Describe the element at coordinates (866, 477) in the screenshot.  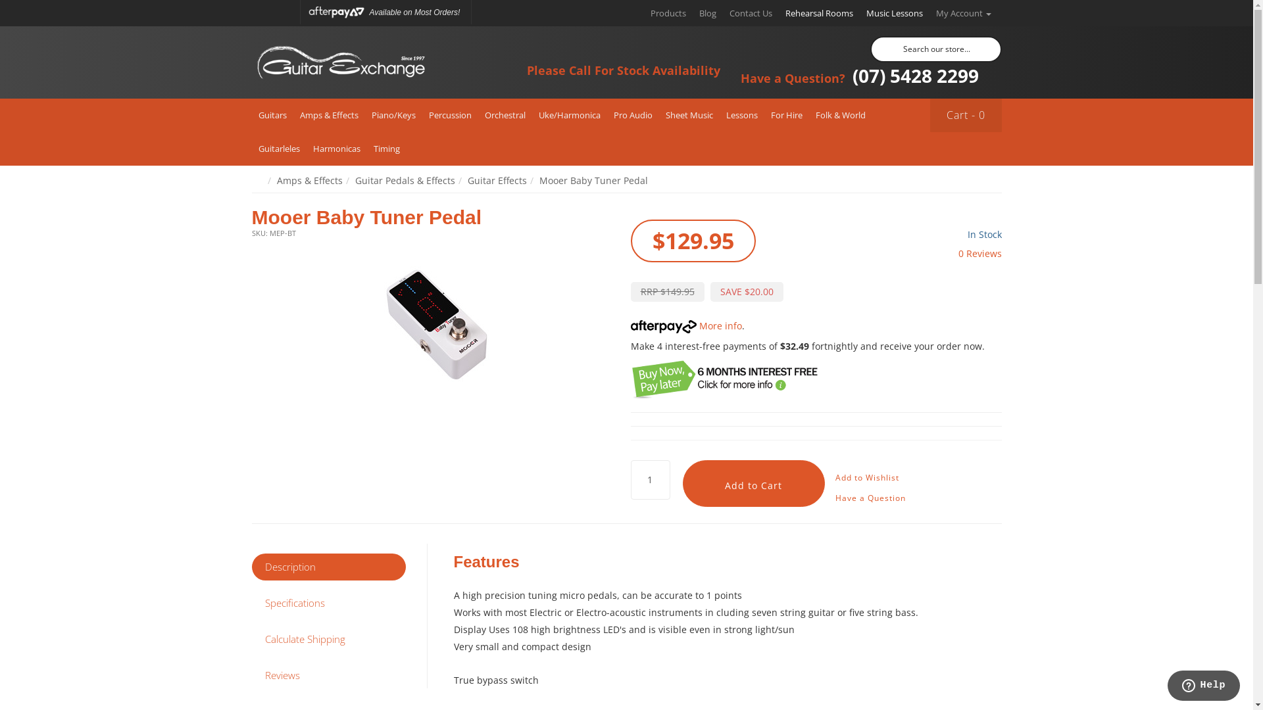
I see `'Add to Wishlist'` at that location.